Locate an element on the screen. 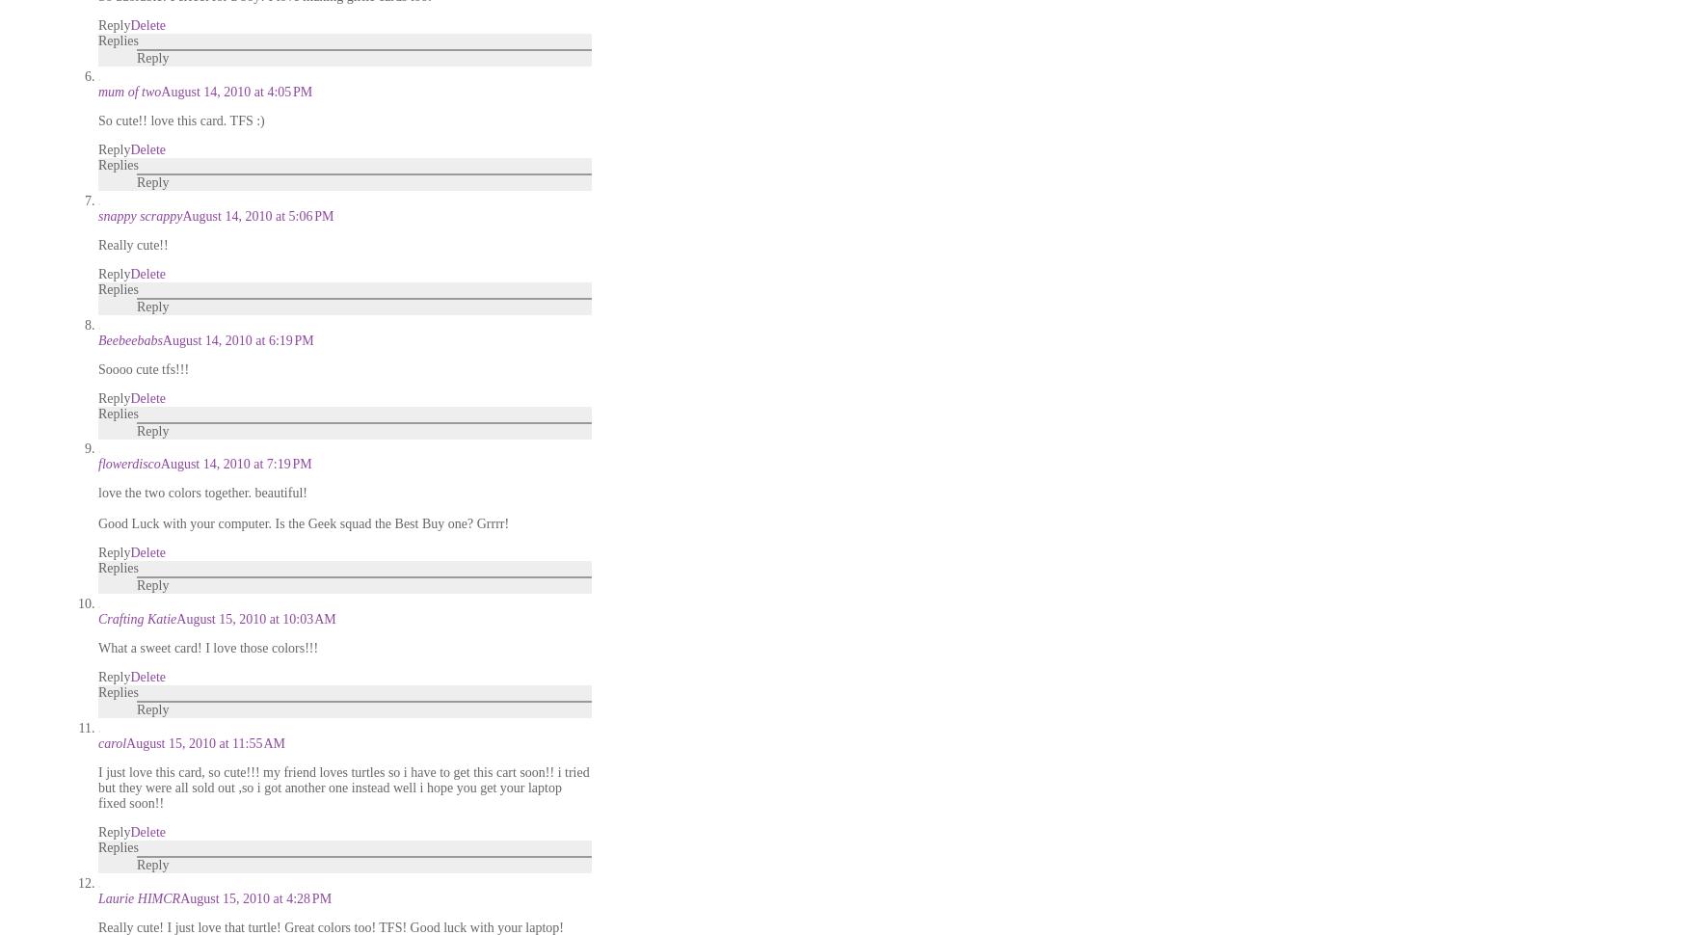 This screenshot has height=935, width=1706. 'love the two colors together. beautiful!' is located at coordinates (201, 493).